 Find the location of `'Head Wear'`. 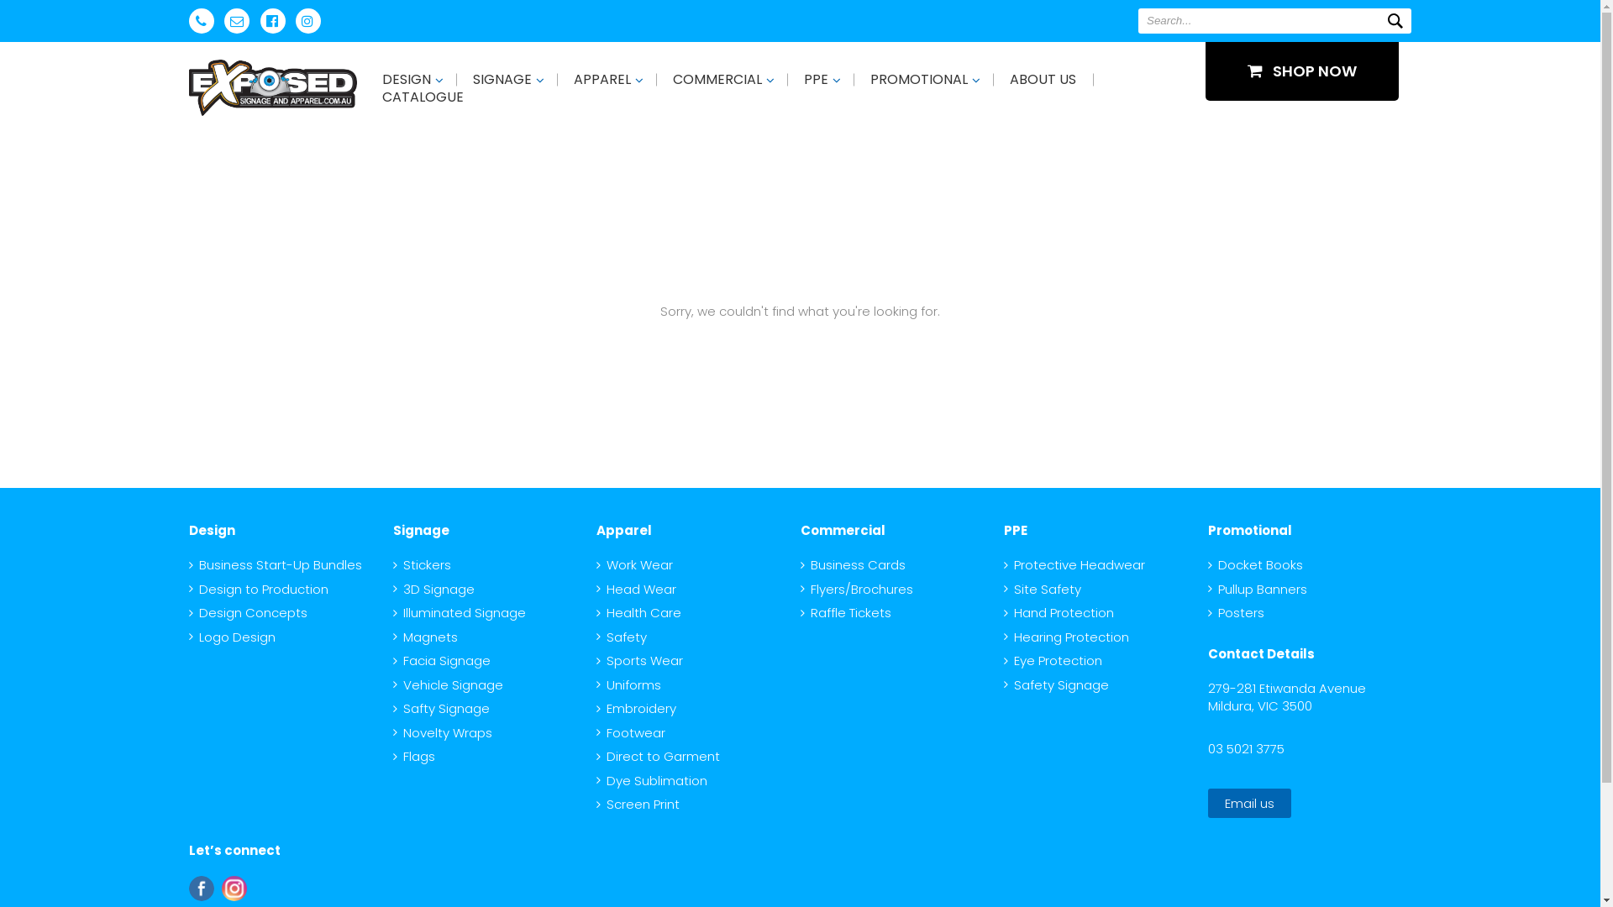

'Head Wear' is located at coordinates (635, 587).